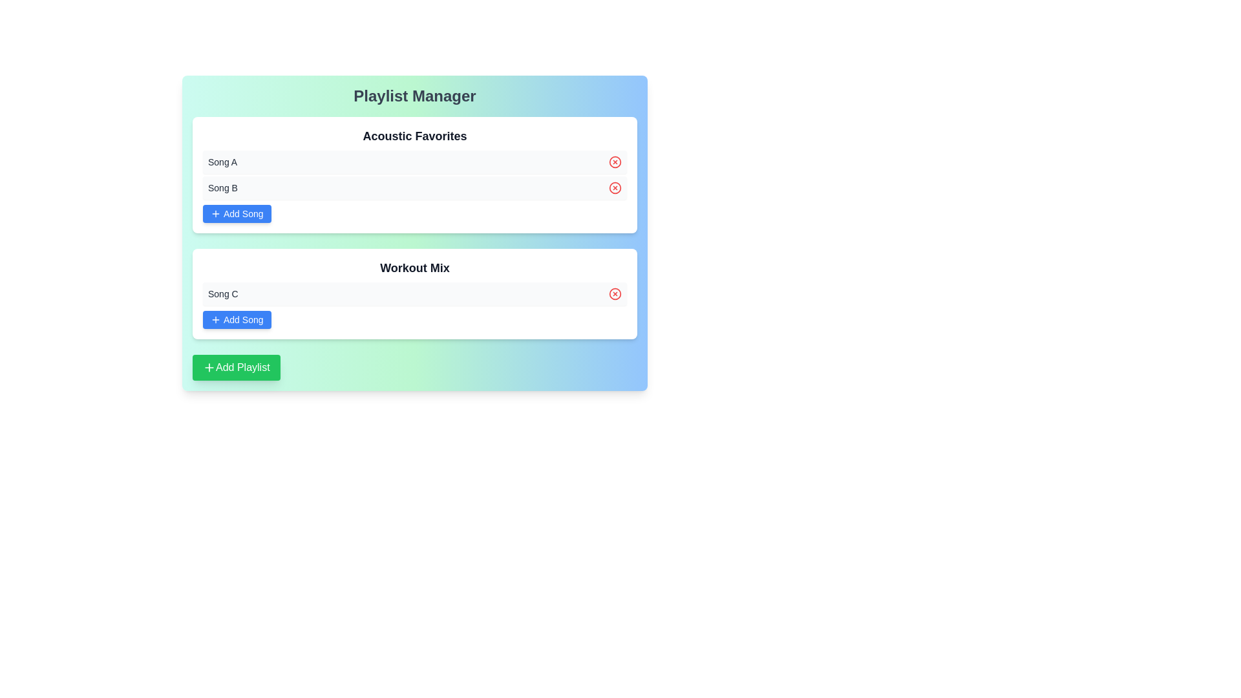 This screenshot has width=1241, height=698. I want to click on the button located at the bottom left of the 'Acoustic Favorites' section to observe hover effects, so click(237, 213).